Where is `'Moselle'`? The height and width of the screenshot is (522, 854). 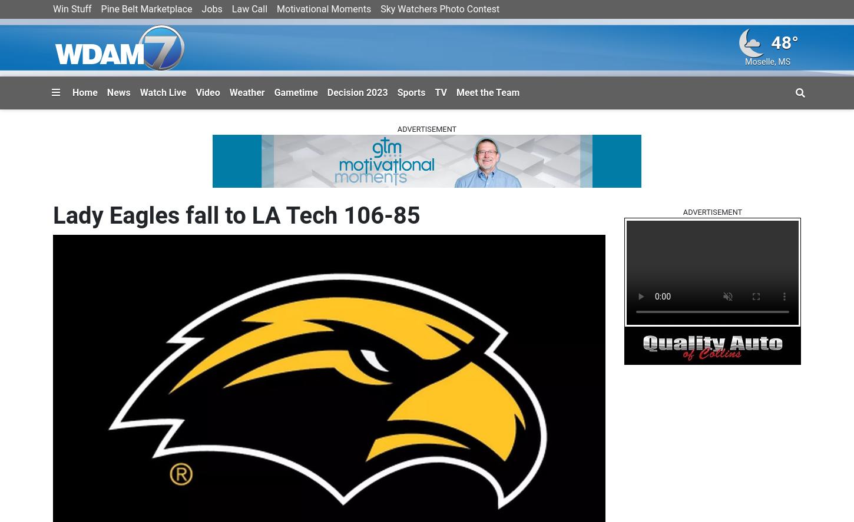
'Moselle' is located at coordinates (760, 62).